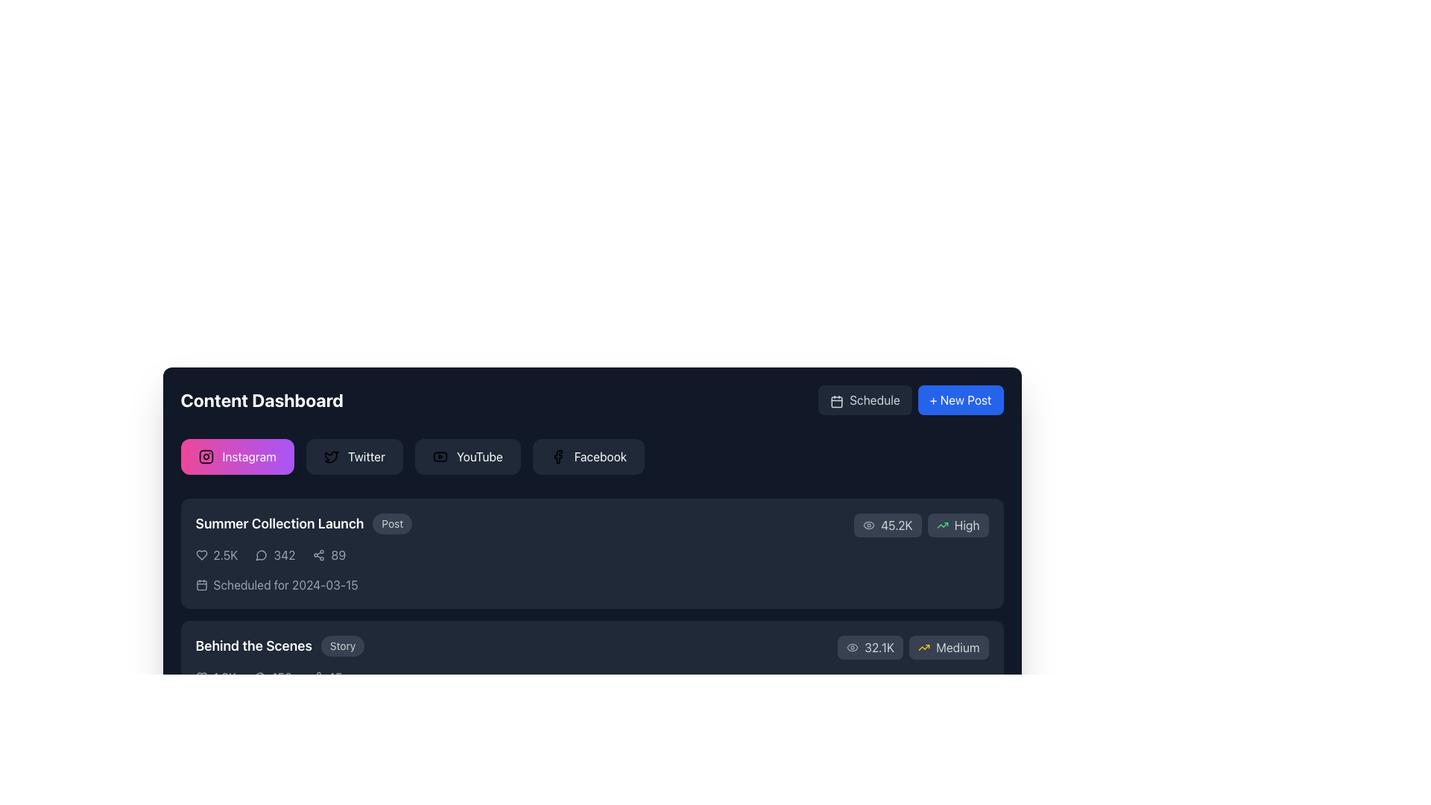 The height and width of the screenshot is (805, 1431). What do you see at coordinates (325, 678) in the screenshot?
I see `the third numeric group Text label with graphical indicator that displays the count of shares in the 'Behind the Scenes' section` at bounding box center [325, 678].